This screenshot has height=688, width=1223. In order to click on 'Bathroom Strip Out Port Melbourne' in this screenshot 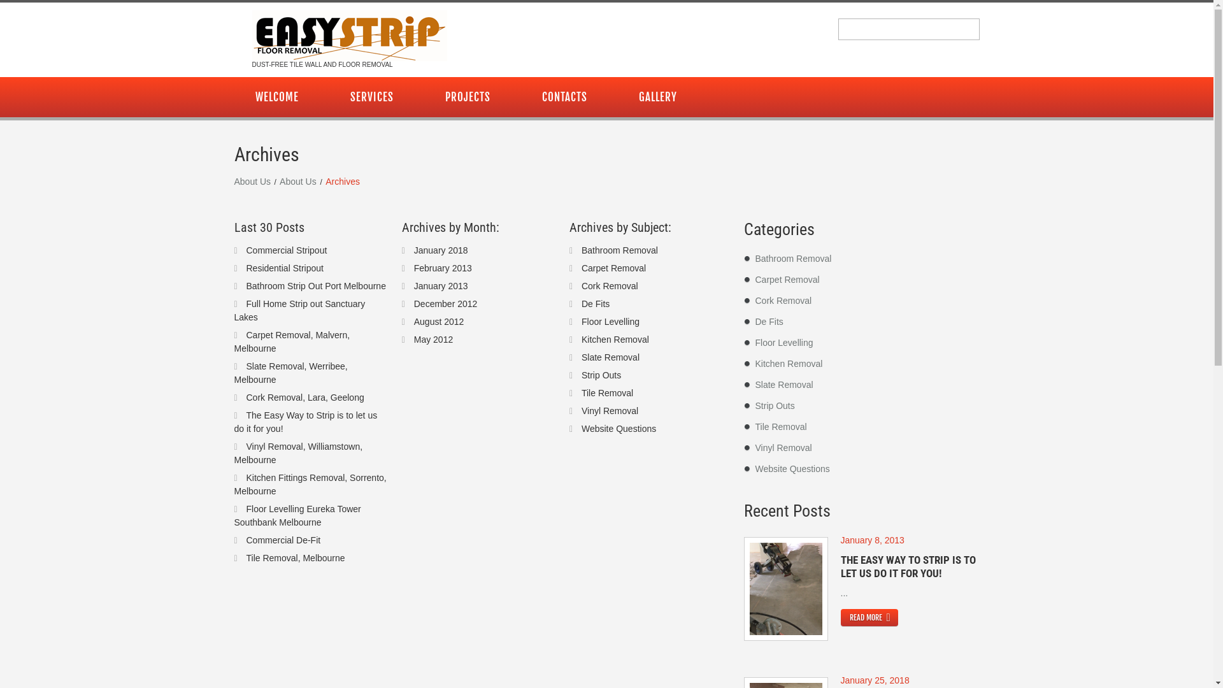, I will do `click(315, 284)`.